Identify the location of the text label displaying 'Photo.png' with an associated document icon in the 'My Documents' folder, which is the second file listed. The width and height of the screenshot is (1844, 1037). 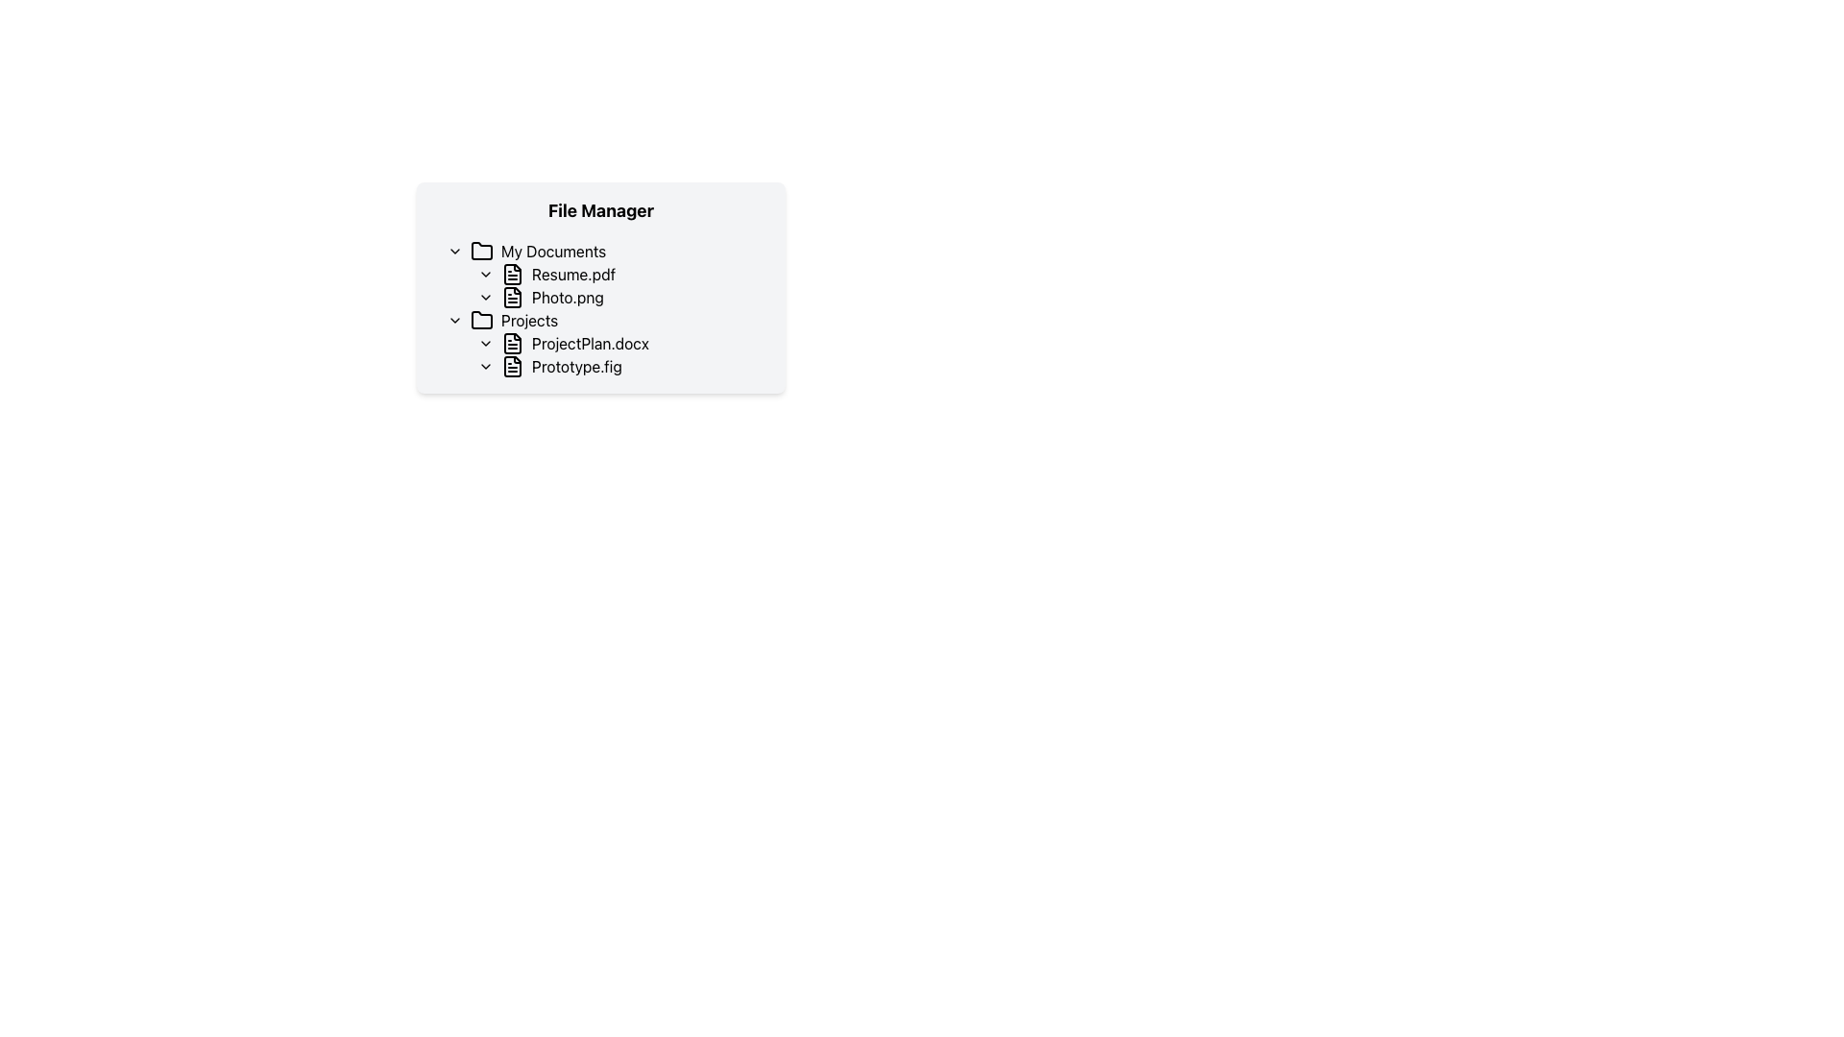
(551, 297).